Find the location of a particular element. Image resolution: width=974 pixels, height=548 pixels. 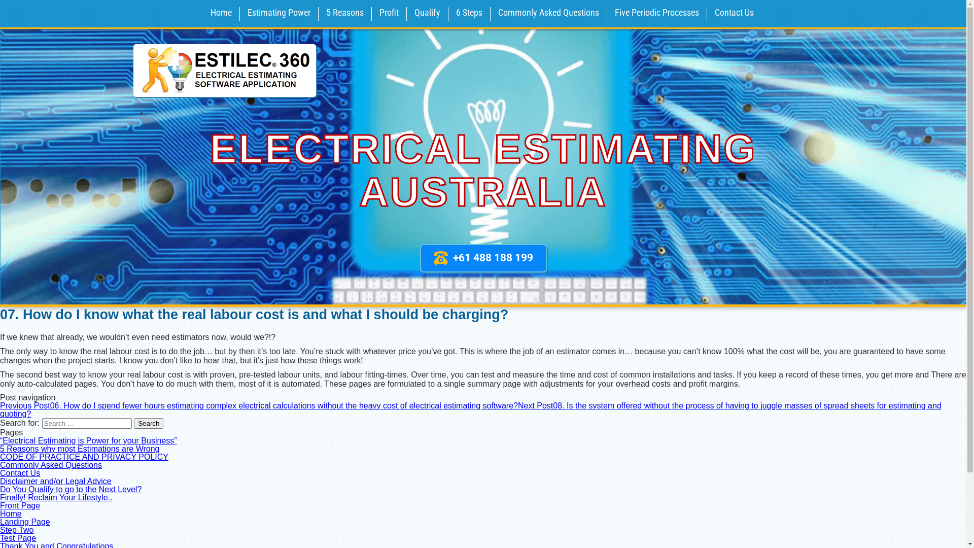

'Home' is located at coordinates (11, 513).